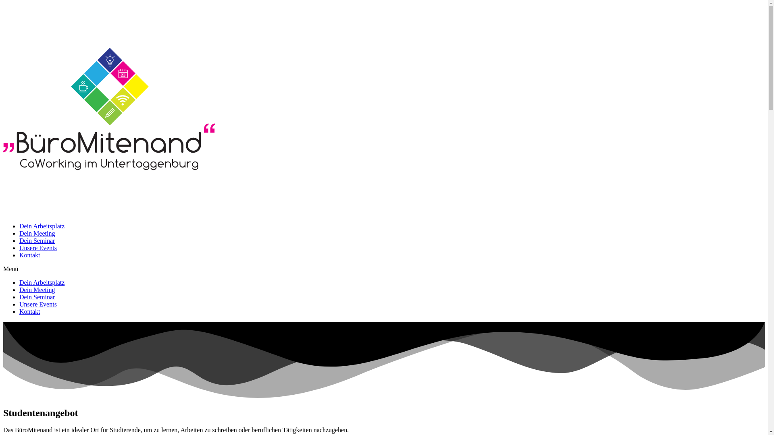 The width and height of the screenshot is (774, 435). Describe the element at coordinates (19, 304) in the screenshot. I see `'Unsere Events'` at that location.